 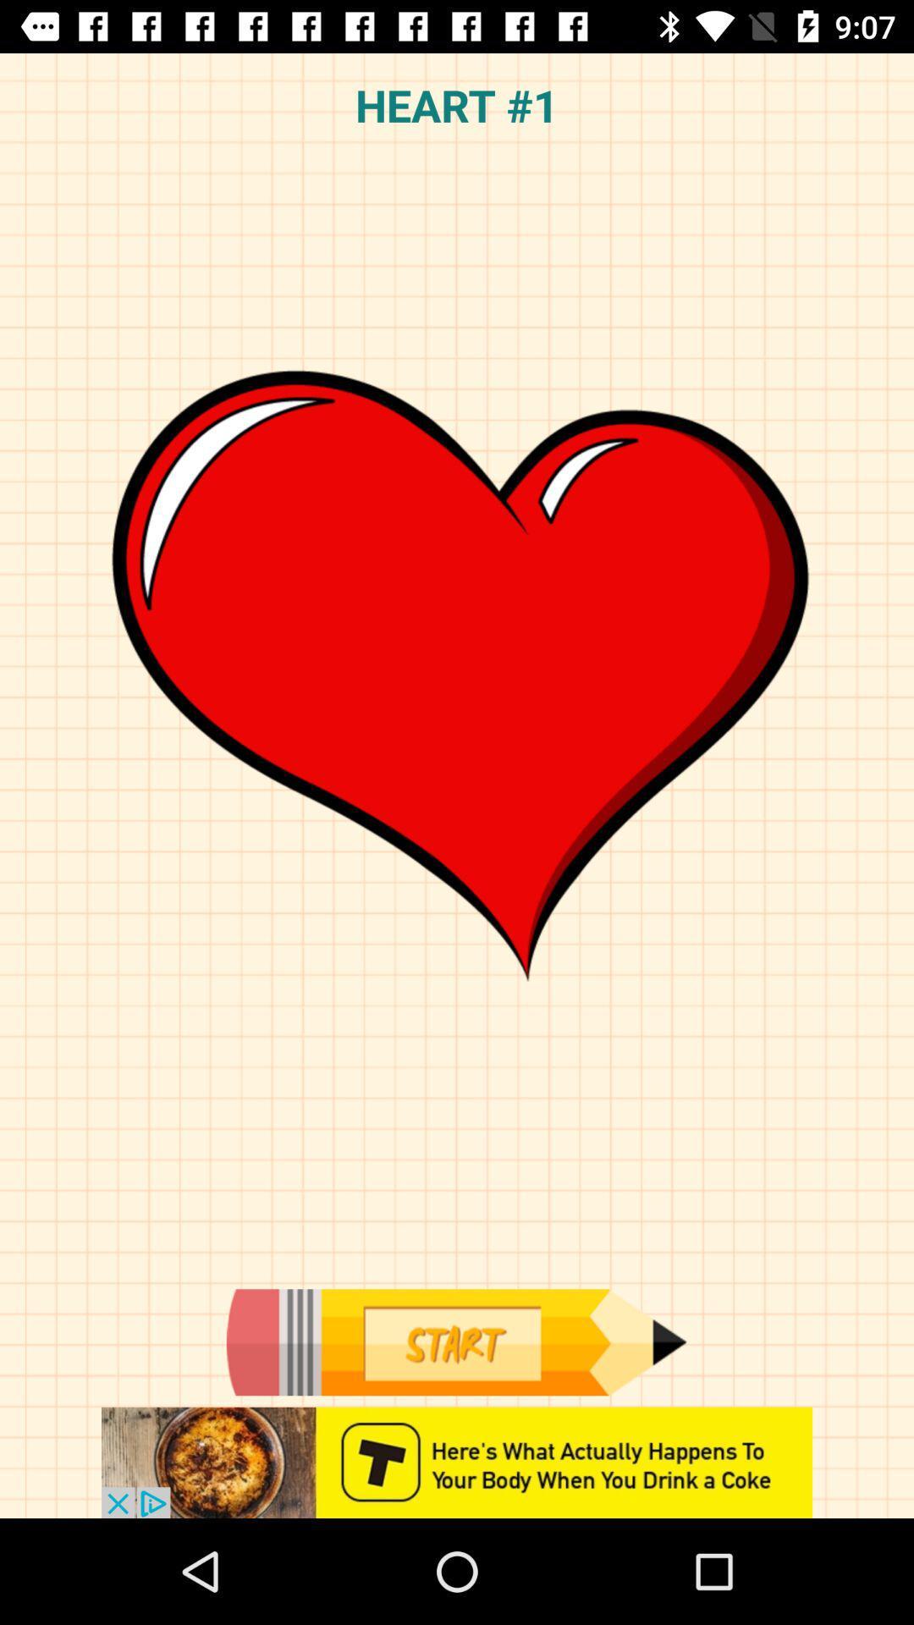 I want to click on start option, so click(x=455, y=1341).